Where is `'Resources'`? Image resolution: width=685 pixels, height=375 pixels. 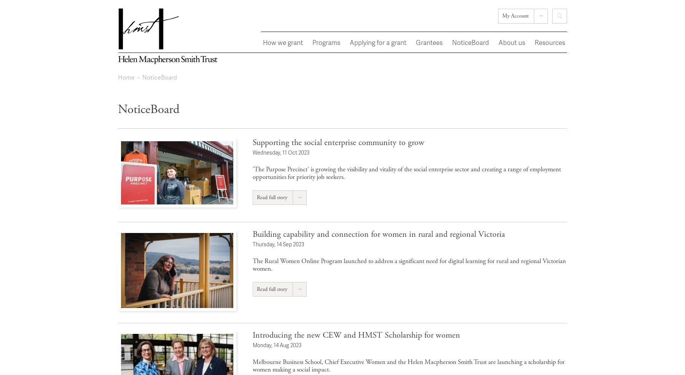 'Resources' is located at coordinates (550, 42).